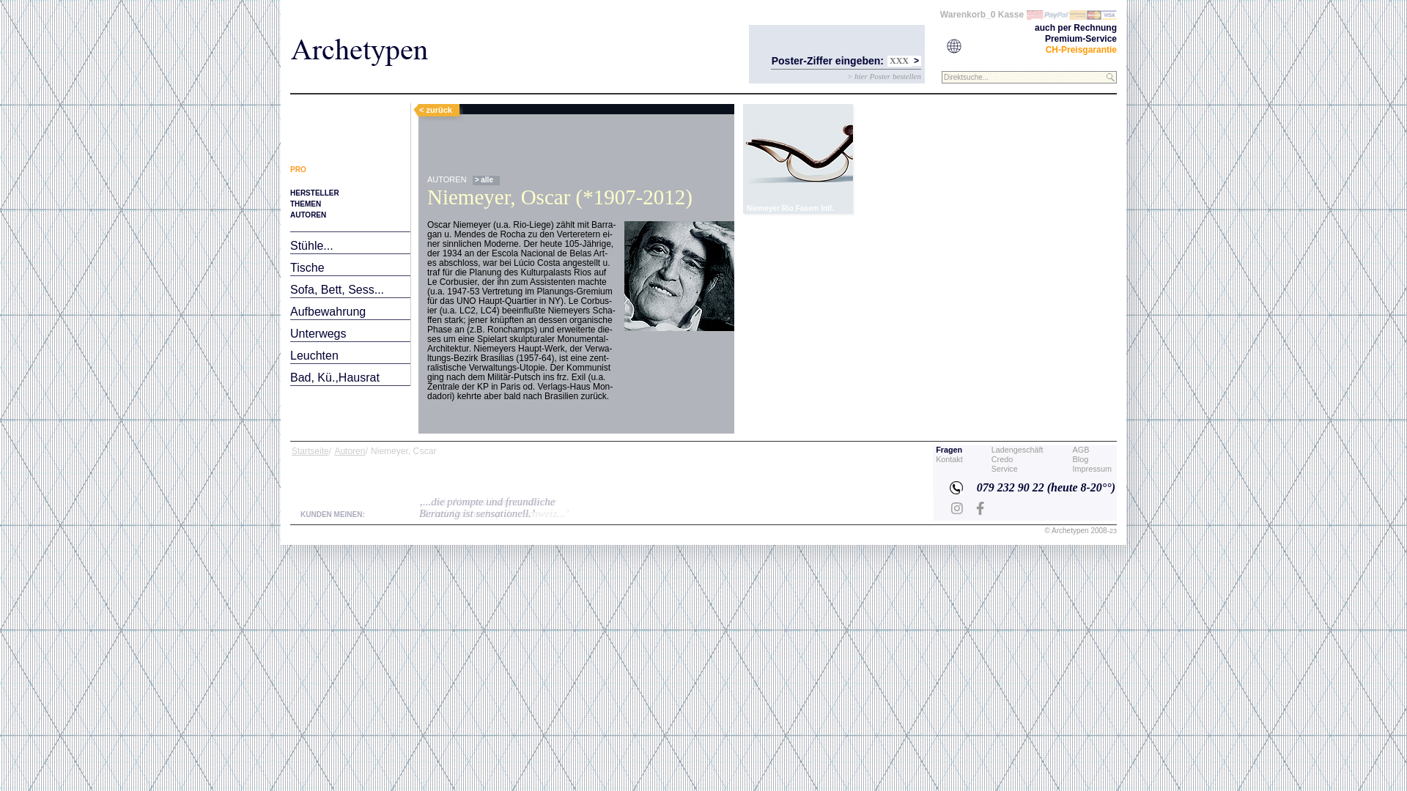 This screenshot has height=791, width=1407. What do you see at coordinates (292, 450) in the screenshot?
I see `'Startseite'` at bounding box center [292, 450].